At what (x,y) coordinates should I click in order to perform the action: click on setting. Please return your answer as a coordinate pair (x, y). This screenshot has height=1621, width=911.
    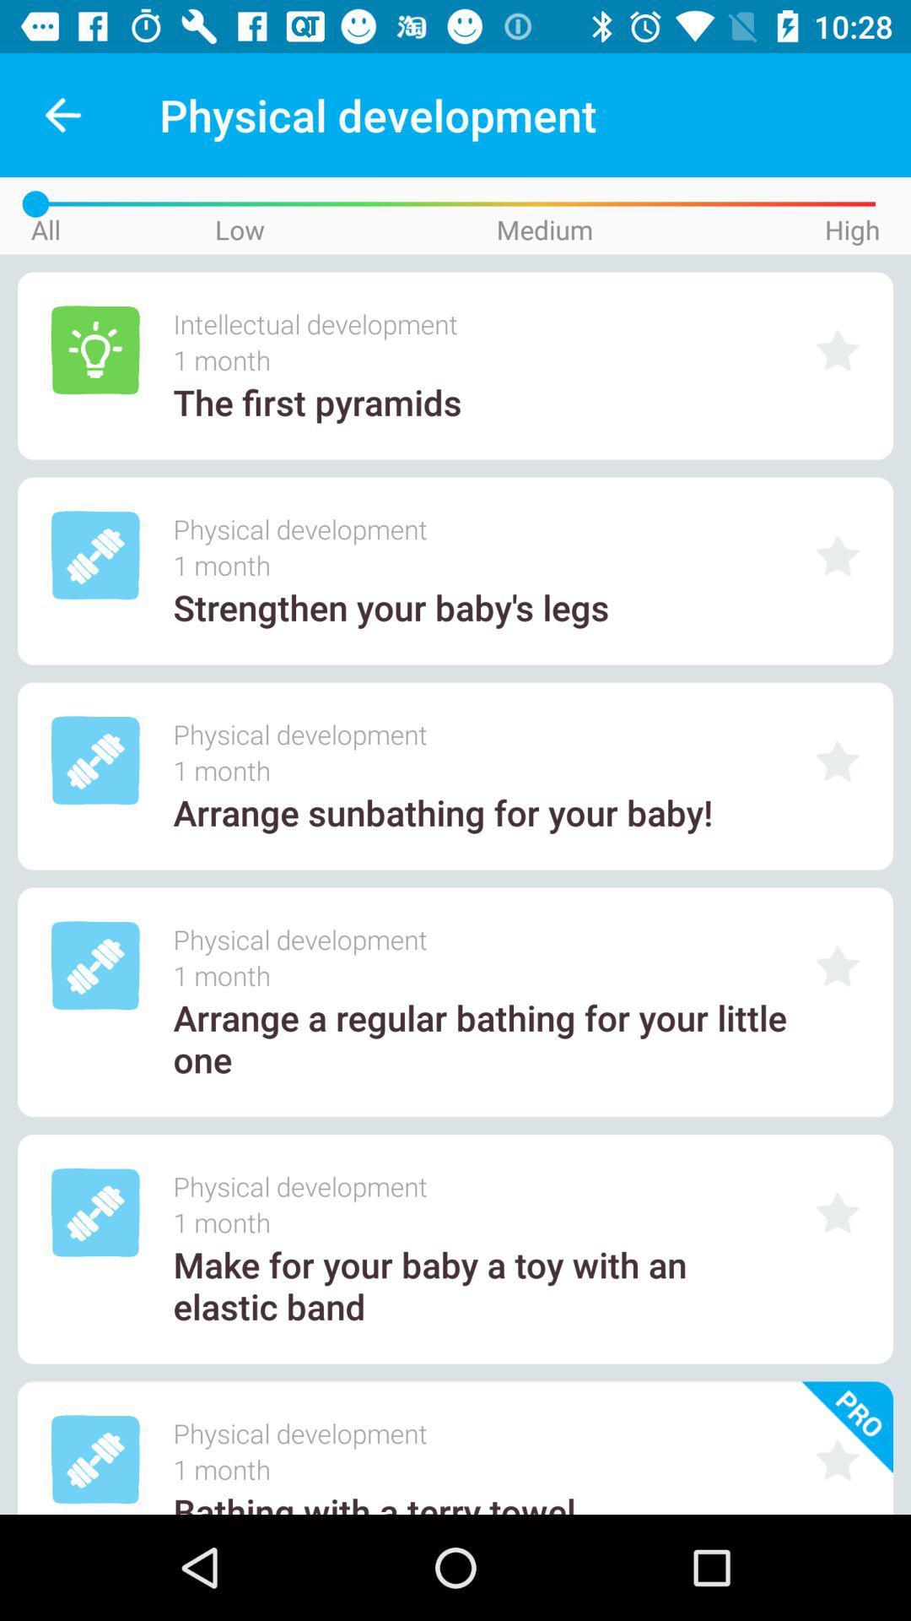
    Looking at the image, I should click on (838, 1212).